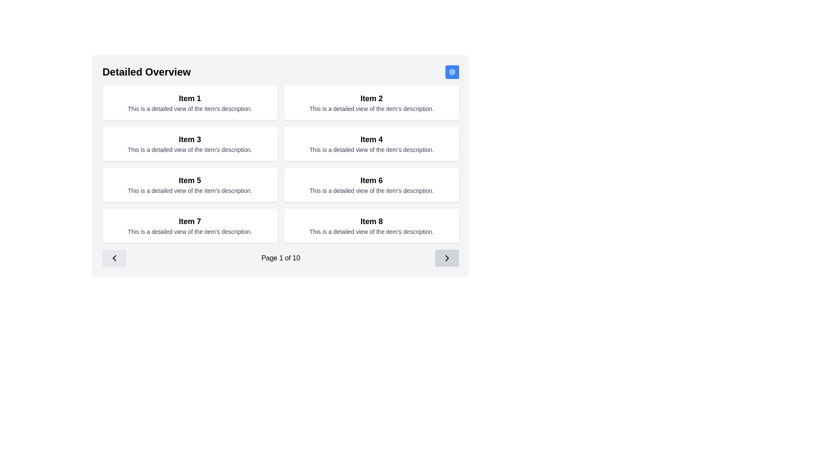  I want to click on the Informative card located in the first column of the second row of the grid layout, so click(189, 143).